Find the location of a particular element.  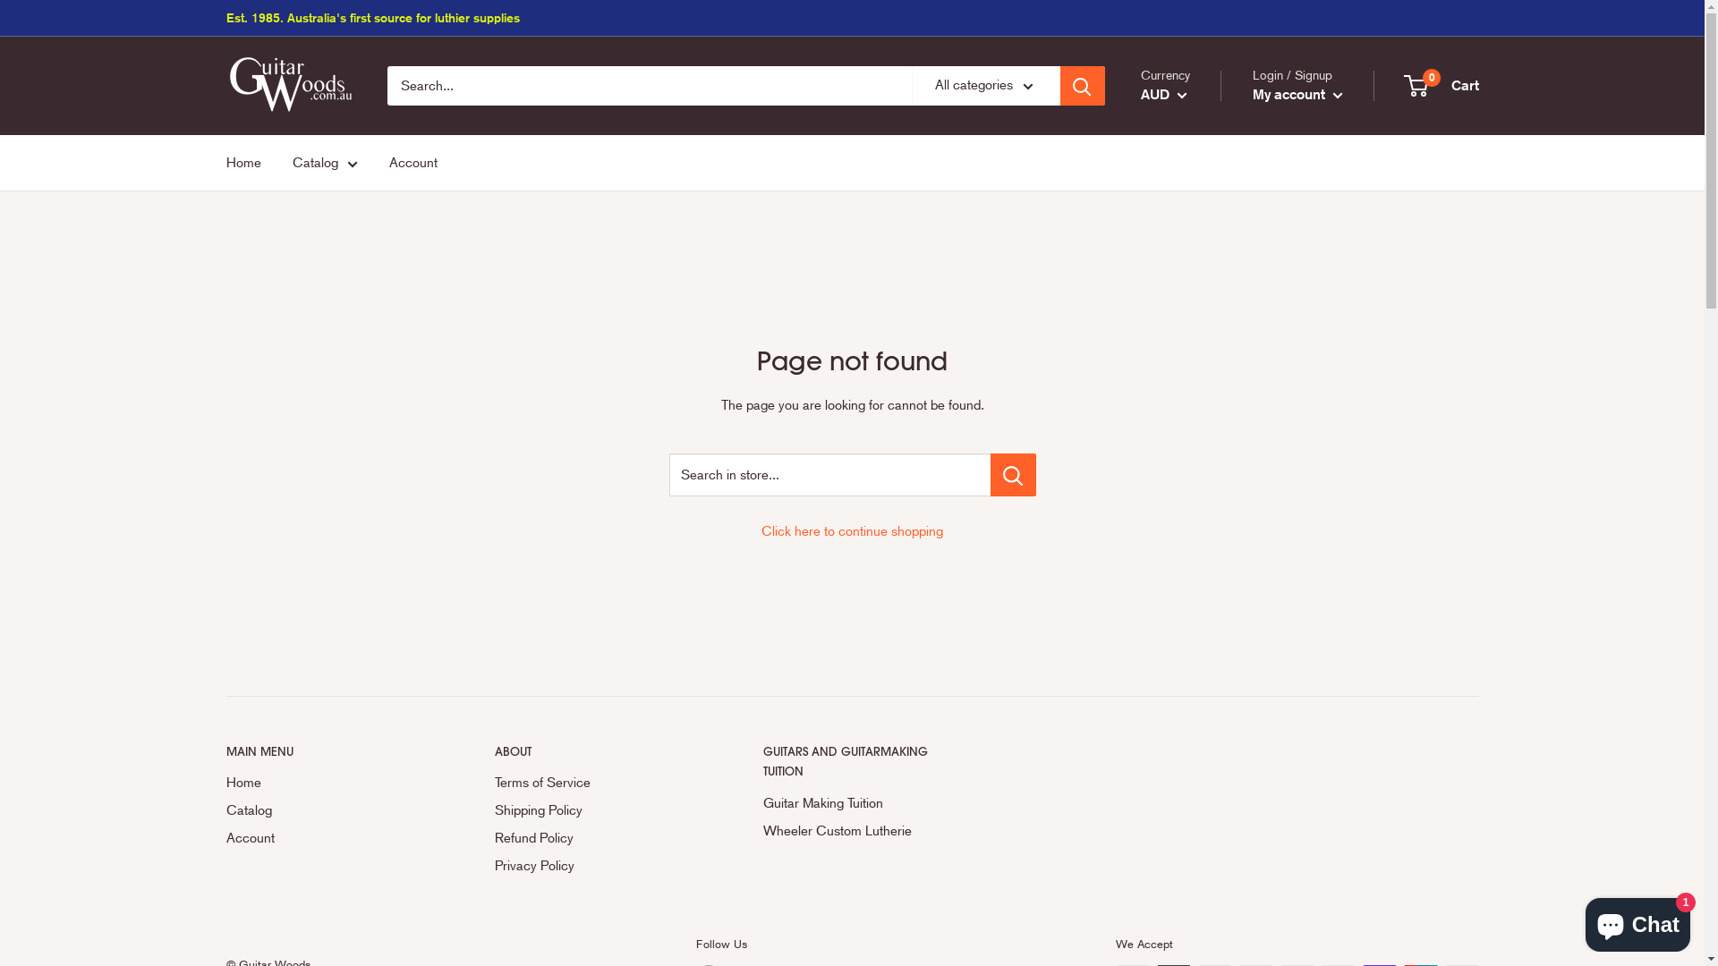

'Privacy Policy' is located at coordinates (597, 865).